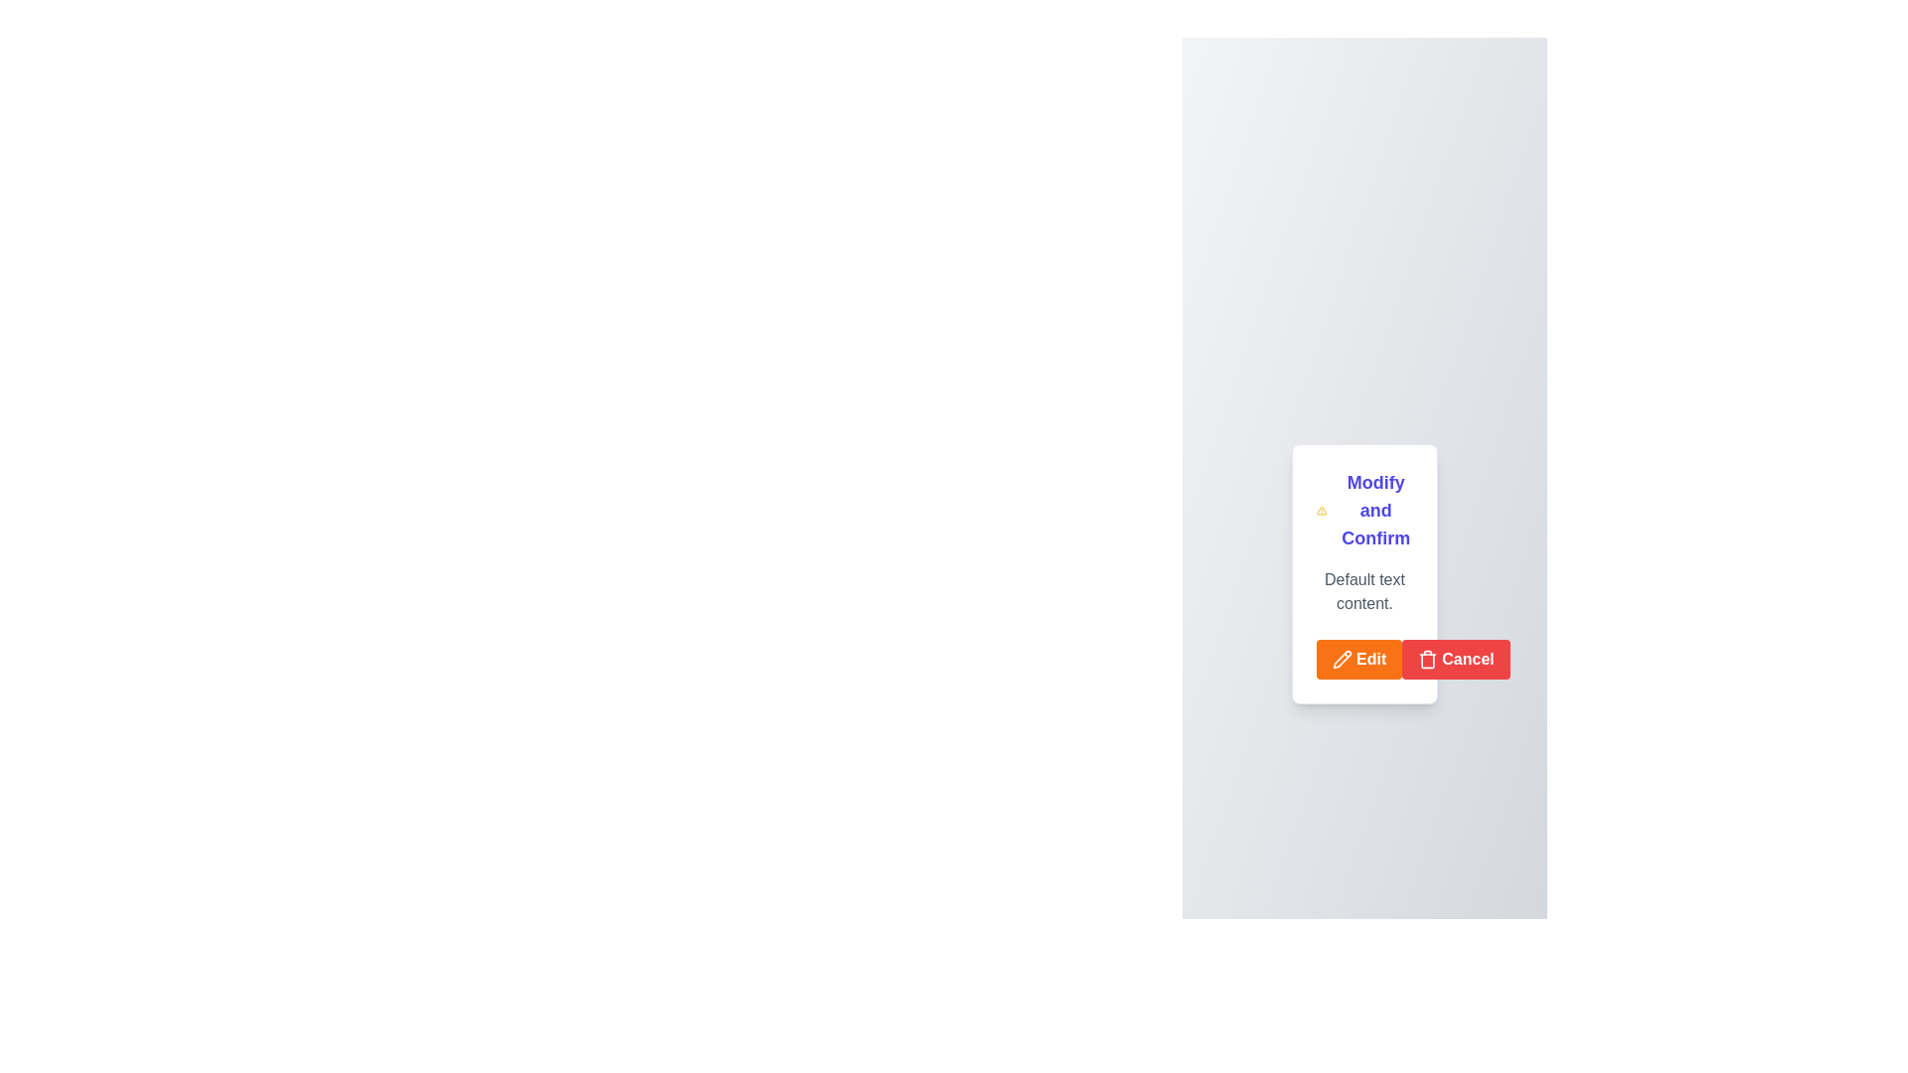 This screenshot has height=1073, width=1908. What do you see at coordinates (1363, 591) in the screenshot?
I see `the static text label that reads 'Default text content' which is styled in a gray font and located within a white rectangular card with rounded corners` at bounding box center [1363, 591].